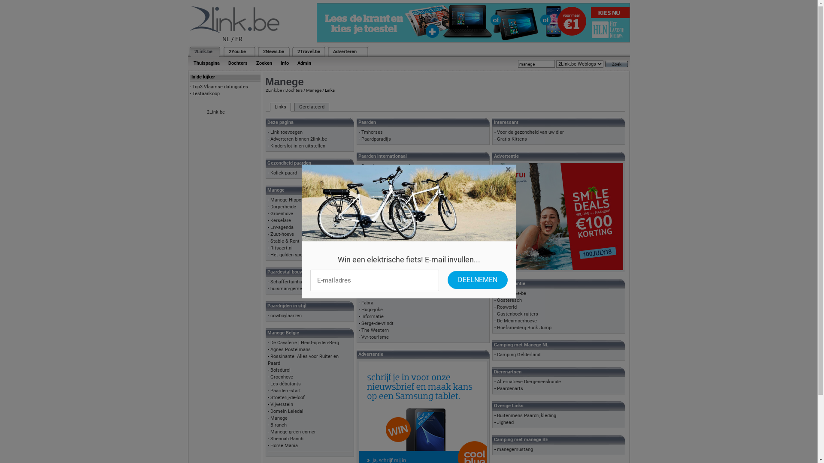  I want to click on 'Stable & Rent', so click(285, 241).